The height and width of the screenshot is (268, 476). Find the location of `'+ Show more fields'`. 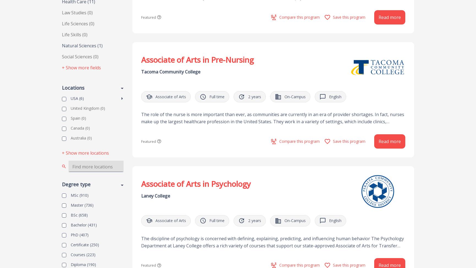

'+ Show more fields' is located at coordinates (62, 67).